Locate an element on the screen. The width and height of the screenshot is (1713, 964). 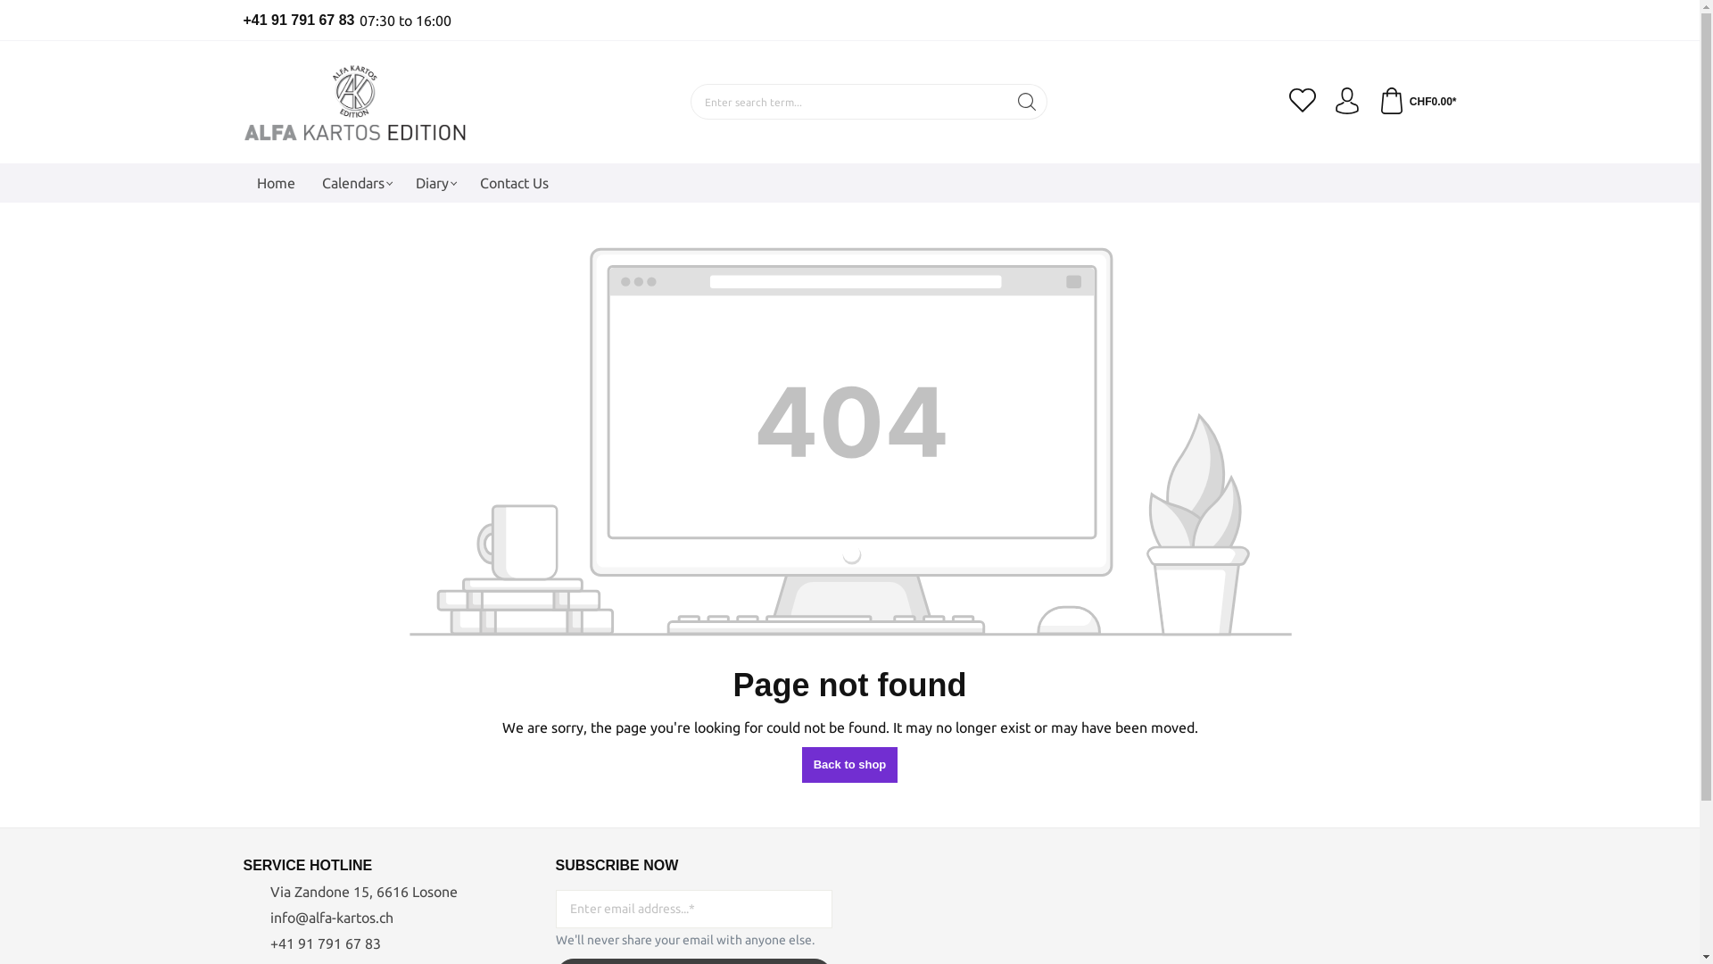
'Calendars' is located at coordinates (355, 182).